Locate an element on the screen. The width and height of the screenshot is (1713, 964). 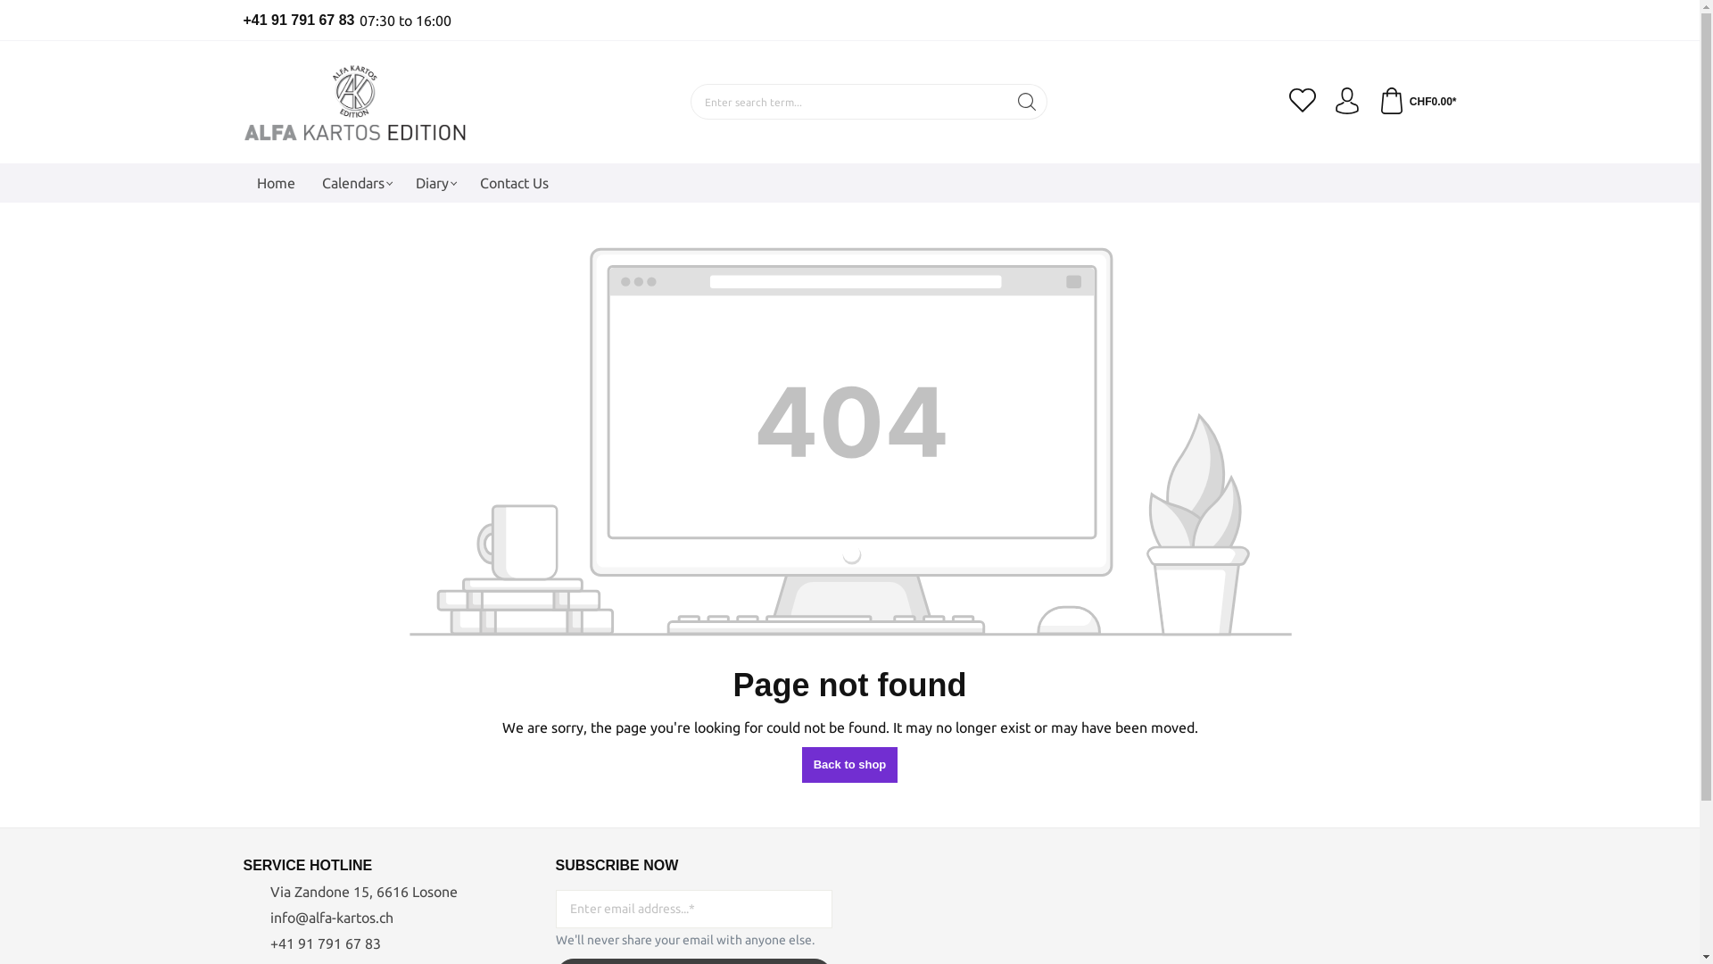
'Calendars' is located at coordinates (355, 182).